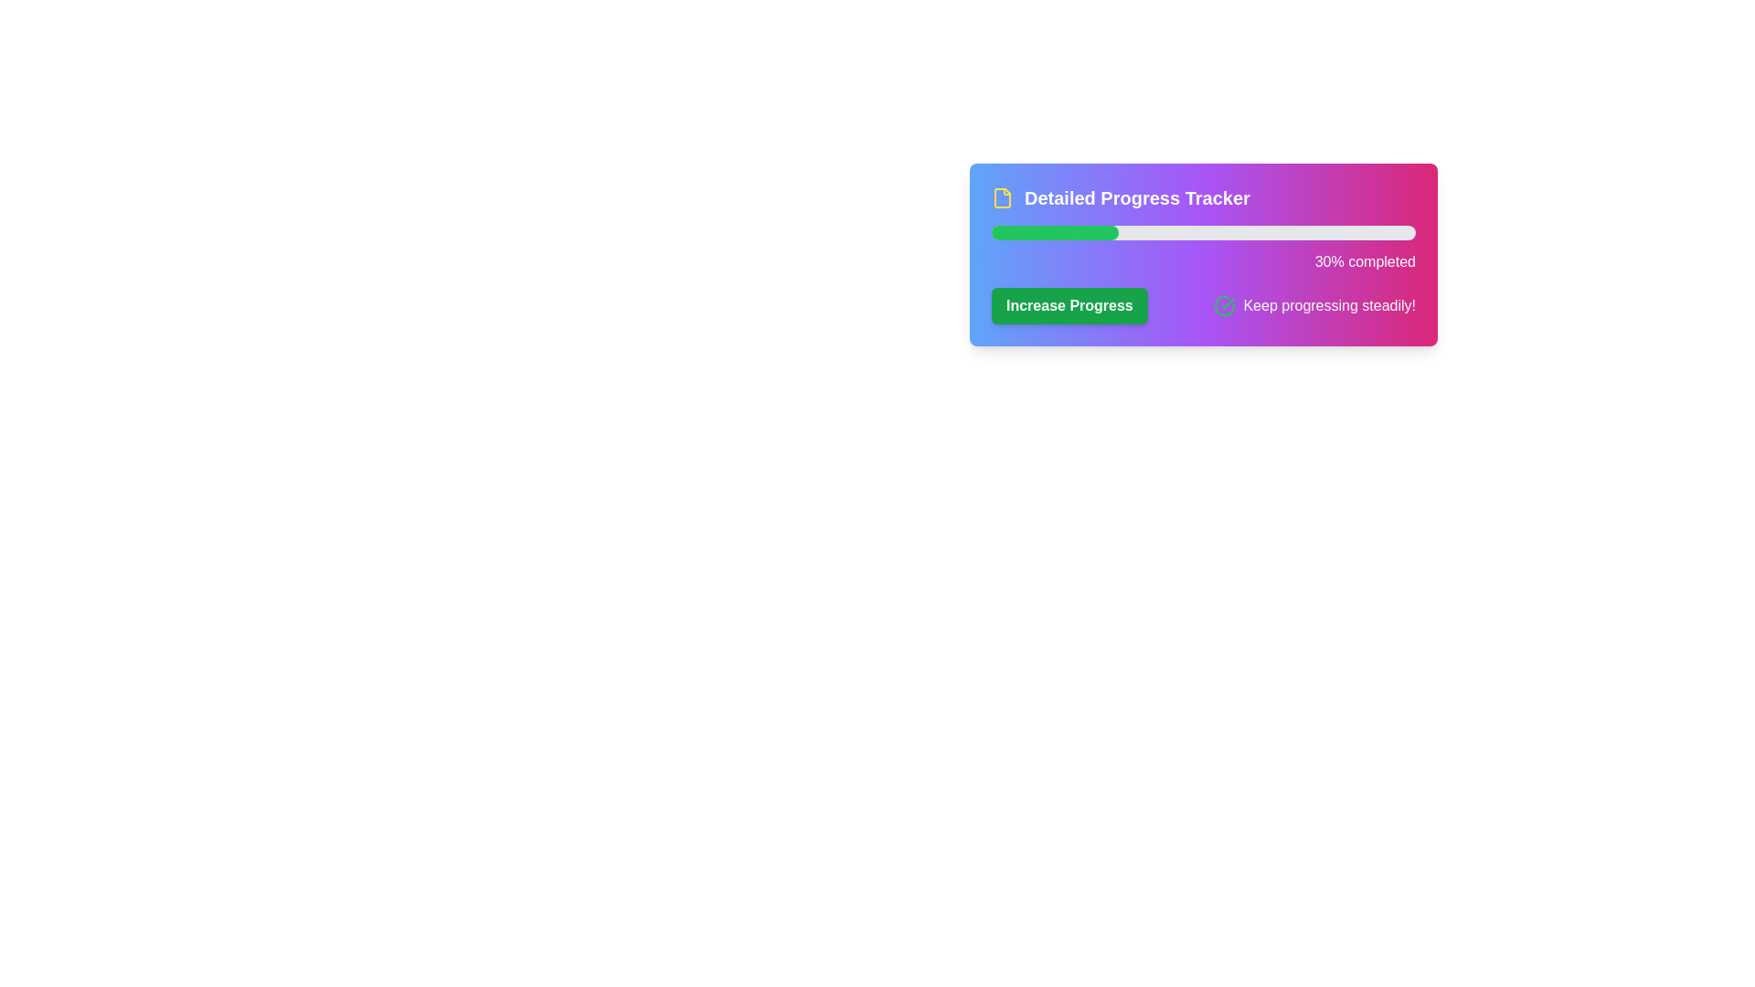 This screenshot has width=1755, height=987. What do you see at coordinates (1055, 231) in the screenshot?
I see `the green, rounded progress indicator bar located within the progress tracker interface` at bounding box center [1055, 231].